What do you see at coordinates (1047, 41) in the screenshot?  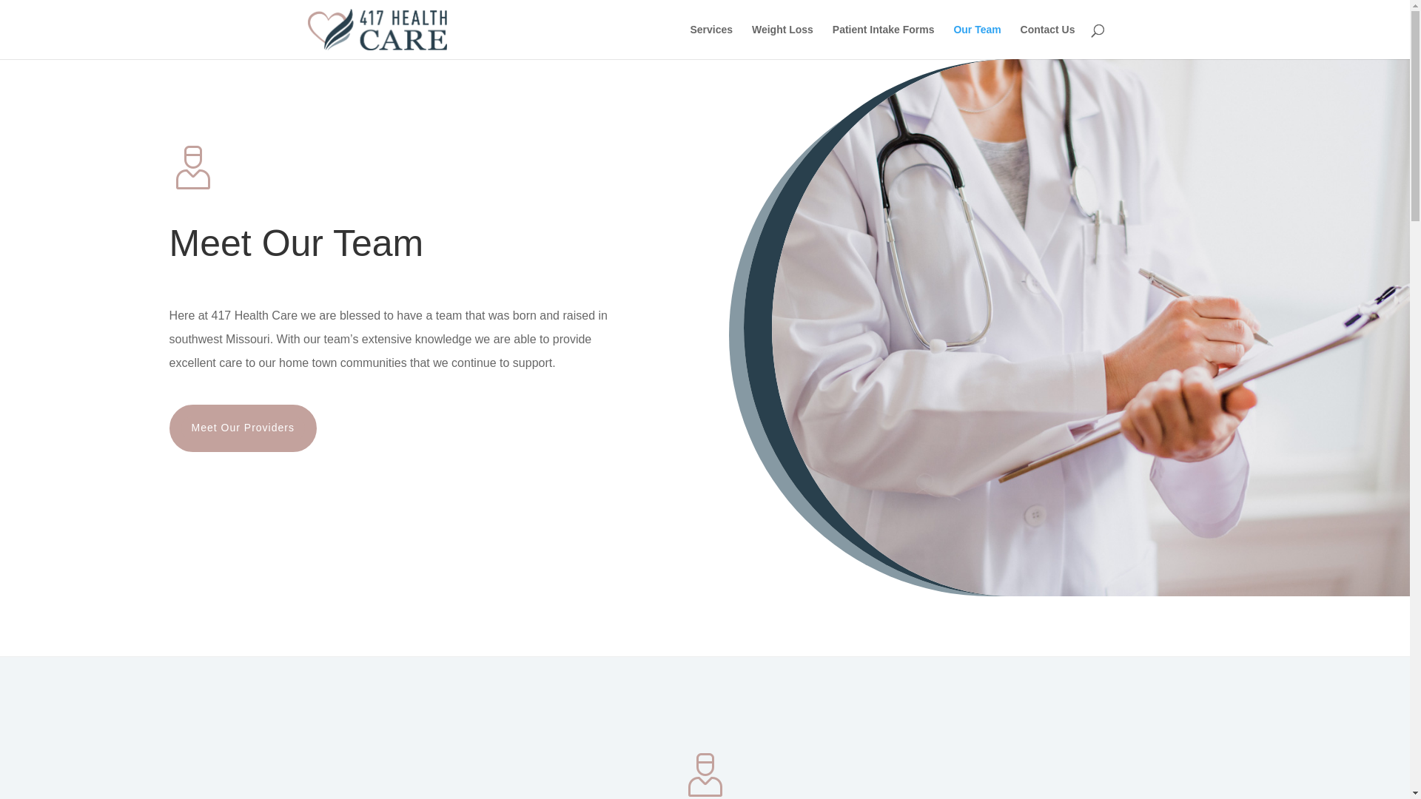 I see `'Contact Us'` at bounding box center [1047, 41].